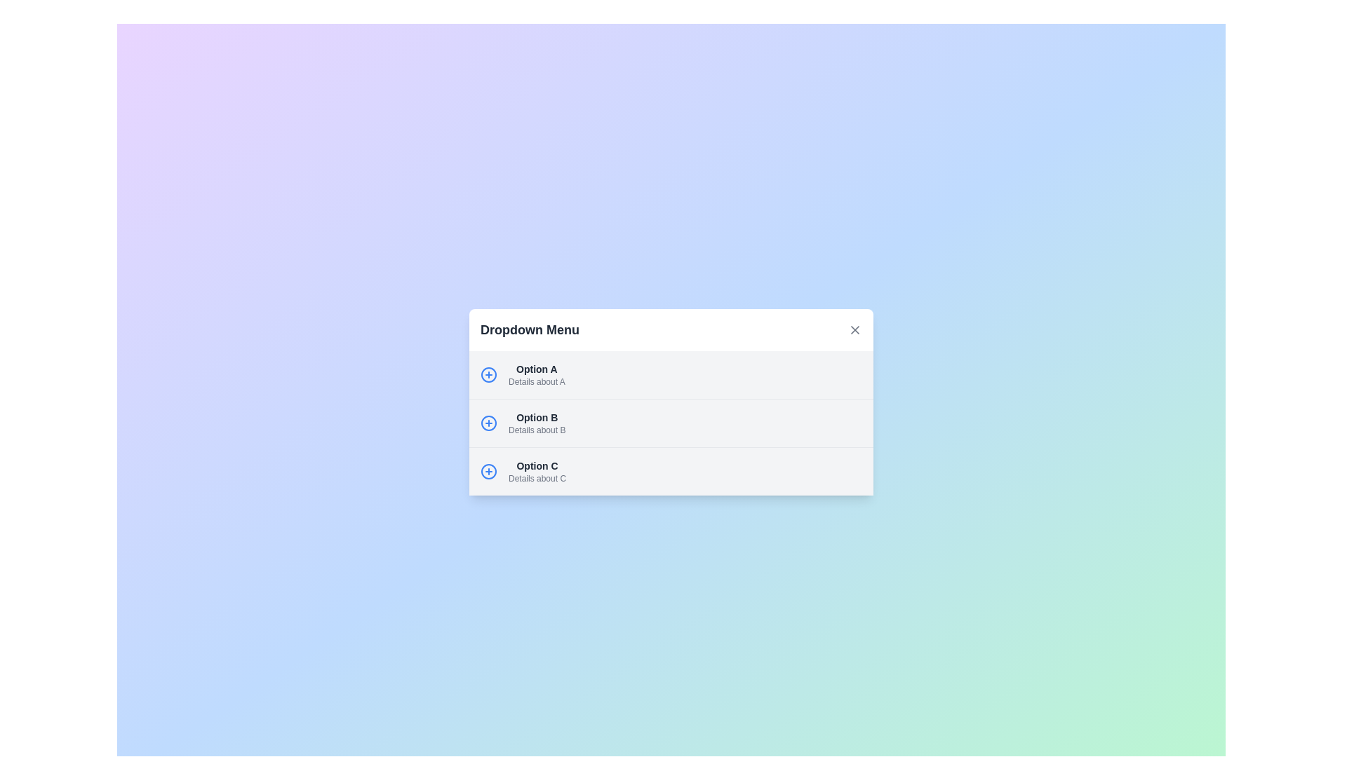 The image size is (1347, 757). What do you see at coordinates (855, 329) in the screenshot?
I see `the close button located at the top-right corner of the dropdown menu` at bounding box center [855, 329].